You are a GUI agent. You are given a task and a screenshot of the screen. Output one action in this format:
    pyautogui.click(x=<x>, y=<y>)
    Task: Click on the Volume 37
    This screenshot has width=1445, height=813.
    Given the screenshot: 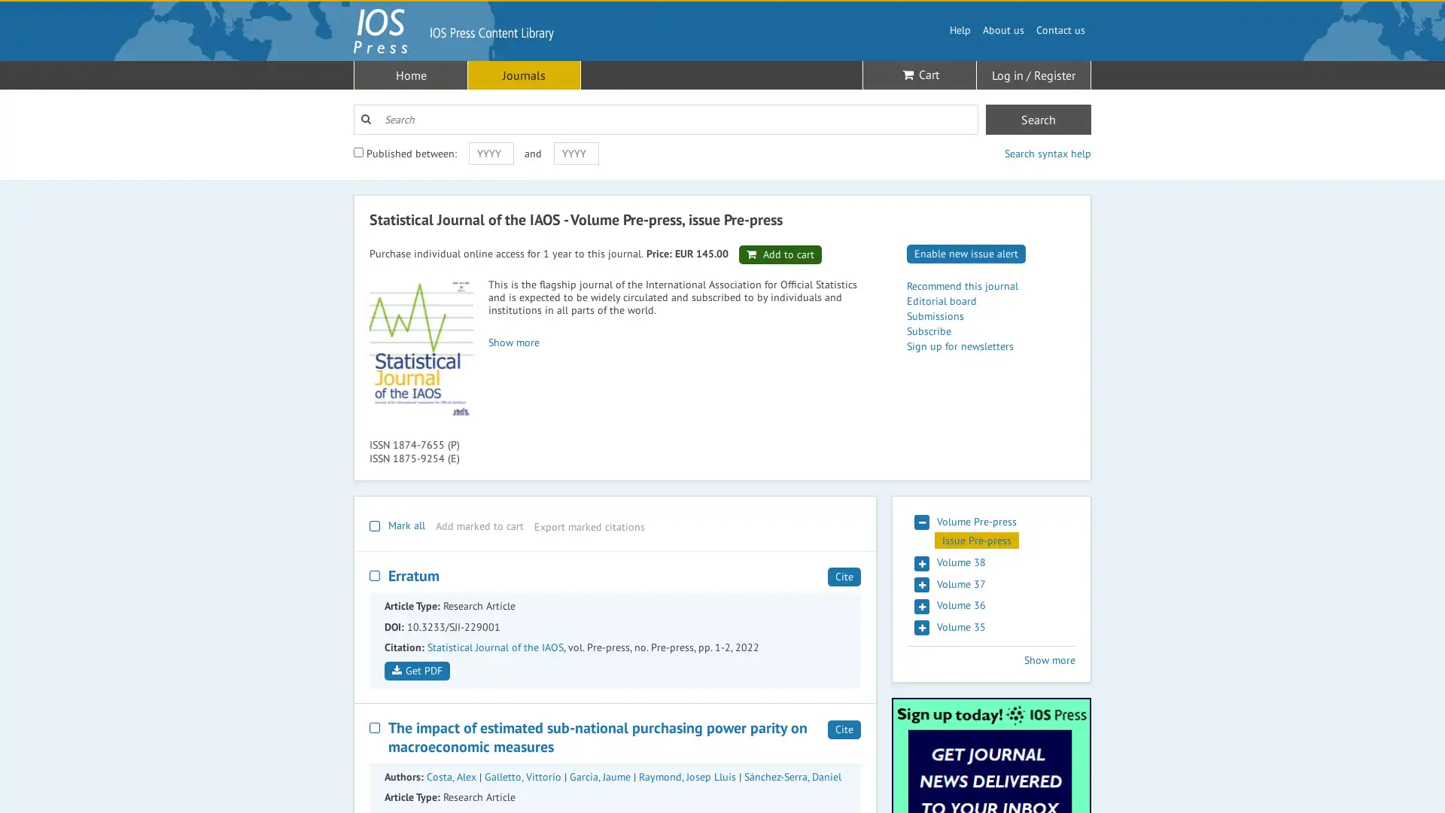 What is the action you would take?
    pyautogui.click(x=949, y=583)
    